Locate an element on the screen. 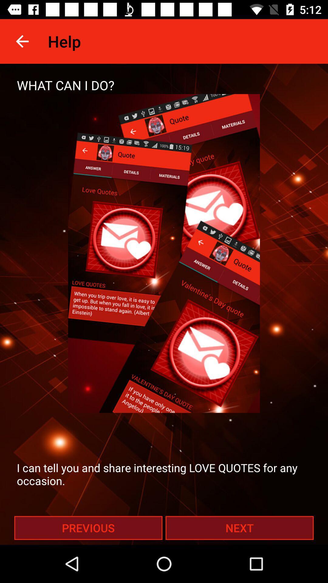 The width and height of the screenshot is (328, 583). the item below the i can tell icon is located at coordinates (239, 527).